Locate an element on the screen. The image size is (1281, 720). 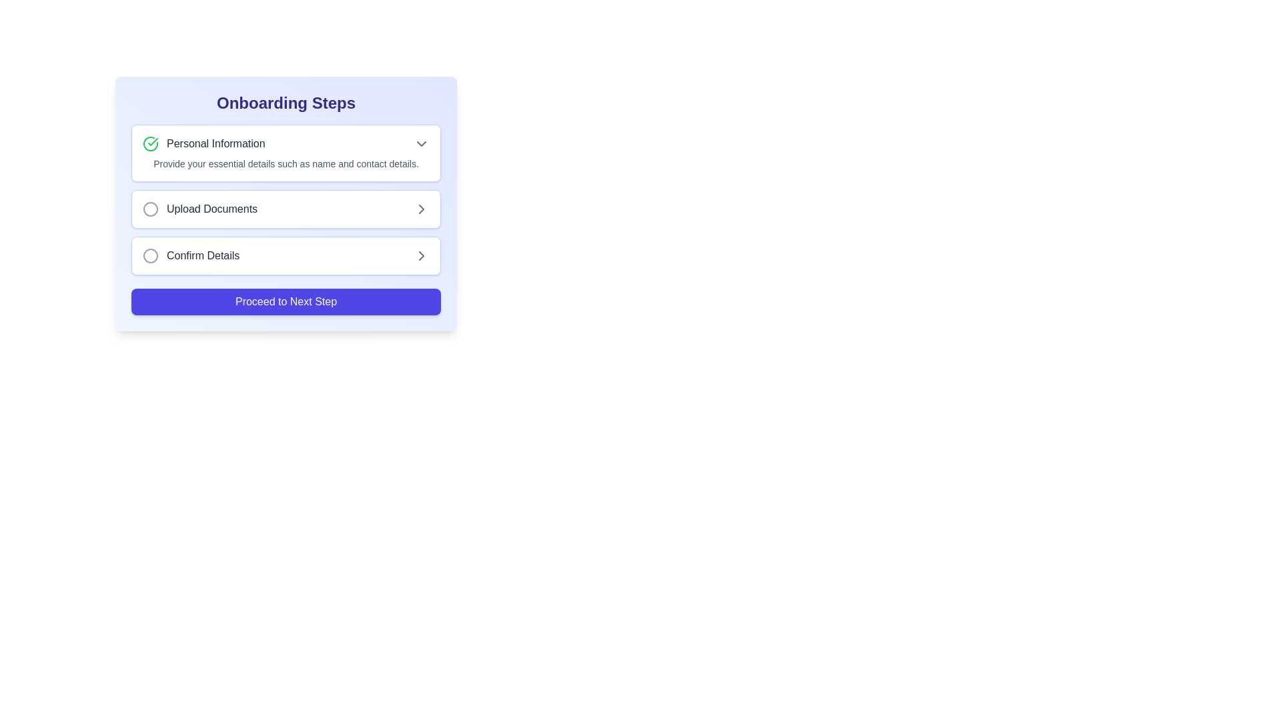
the arrow on the 'Personal Information' informational card is located at coordinates (285, 153).